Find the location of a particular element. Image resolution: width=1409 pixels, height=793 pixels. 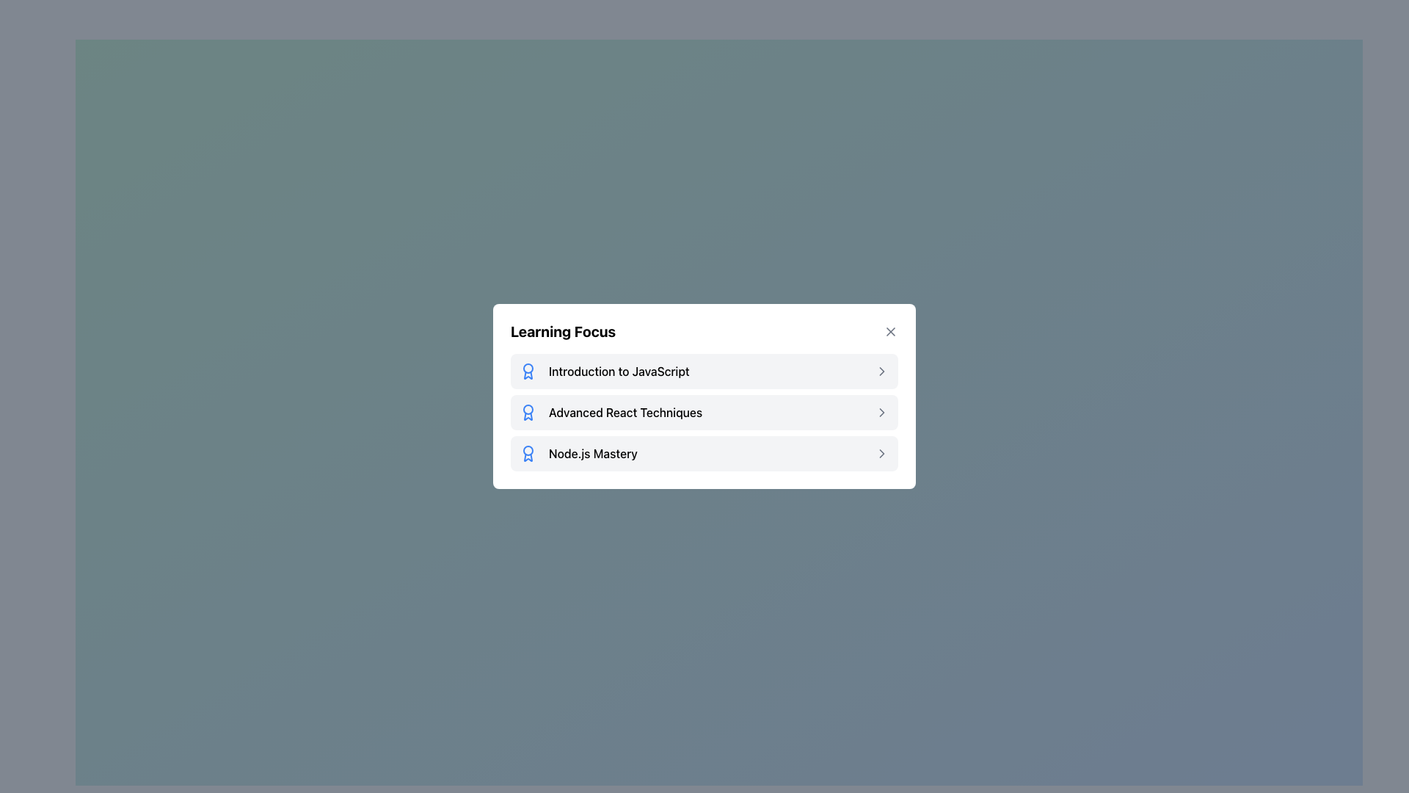

the Text label that serves as a title for an advanced course on React techniques, located in the second row of the vertical list within the 'Learning Focus' card, to the right of a bookmark or award icon is located at coordinates (625, 413).